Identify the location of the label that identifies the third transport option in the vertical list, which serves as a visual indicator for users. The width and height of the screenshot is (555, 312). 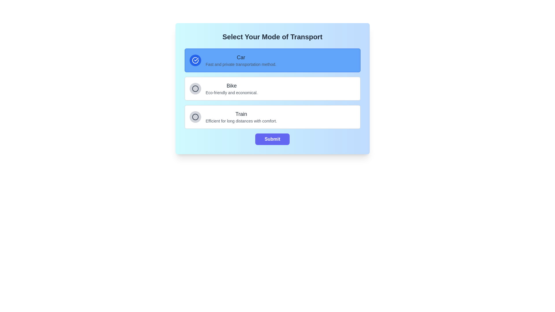
(241, 114).